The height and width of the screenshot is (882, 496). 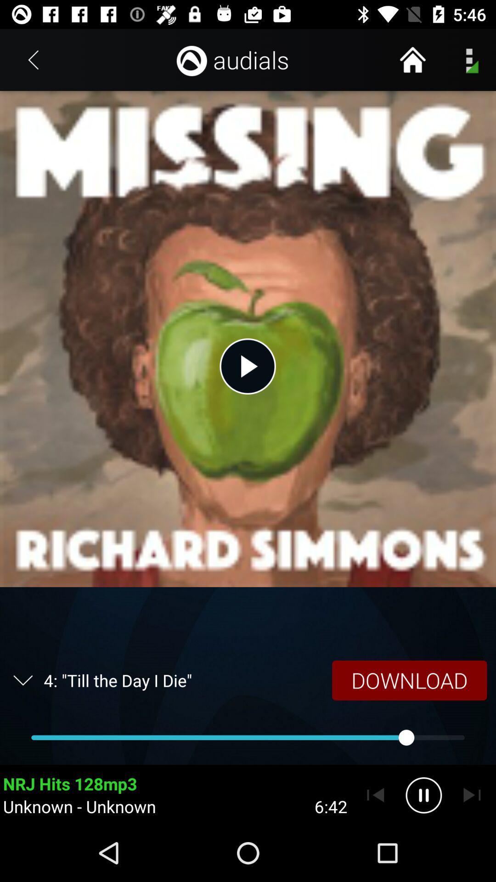 I want to click on pause the song, so click(x=423, y=795).